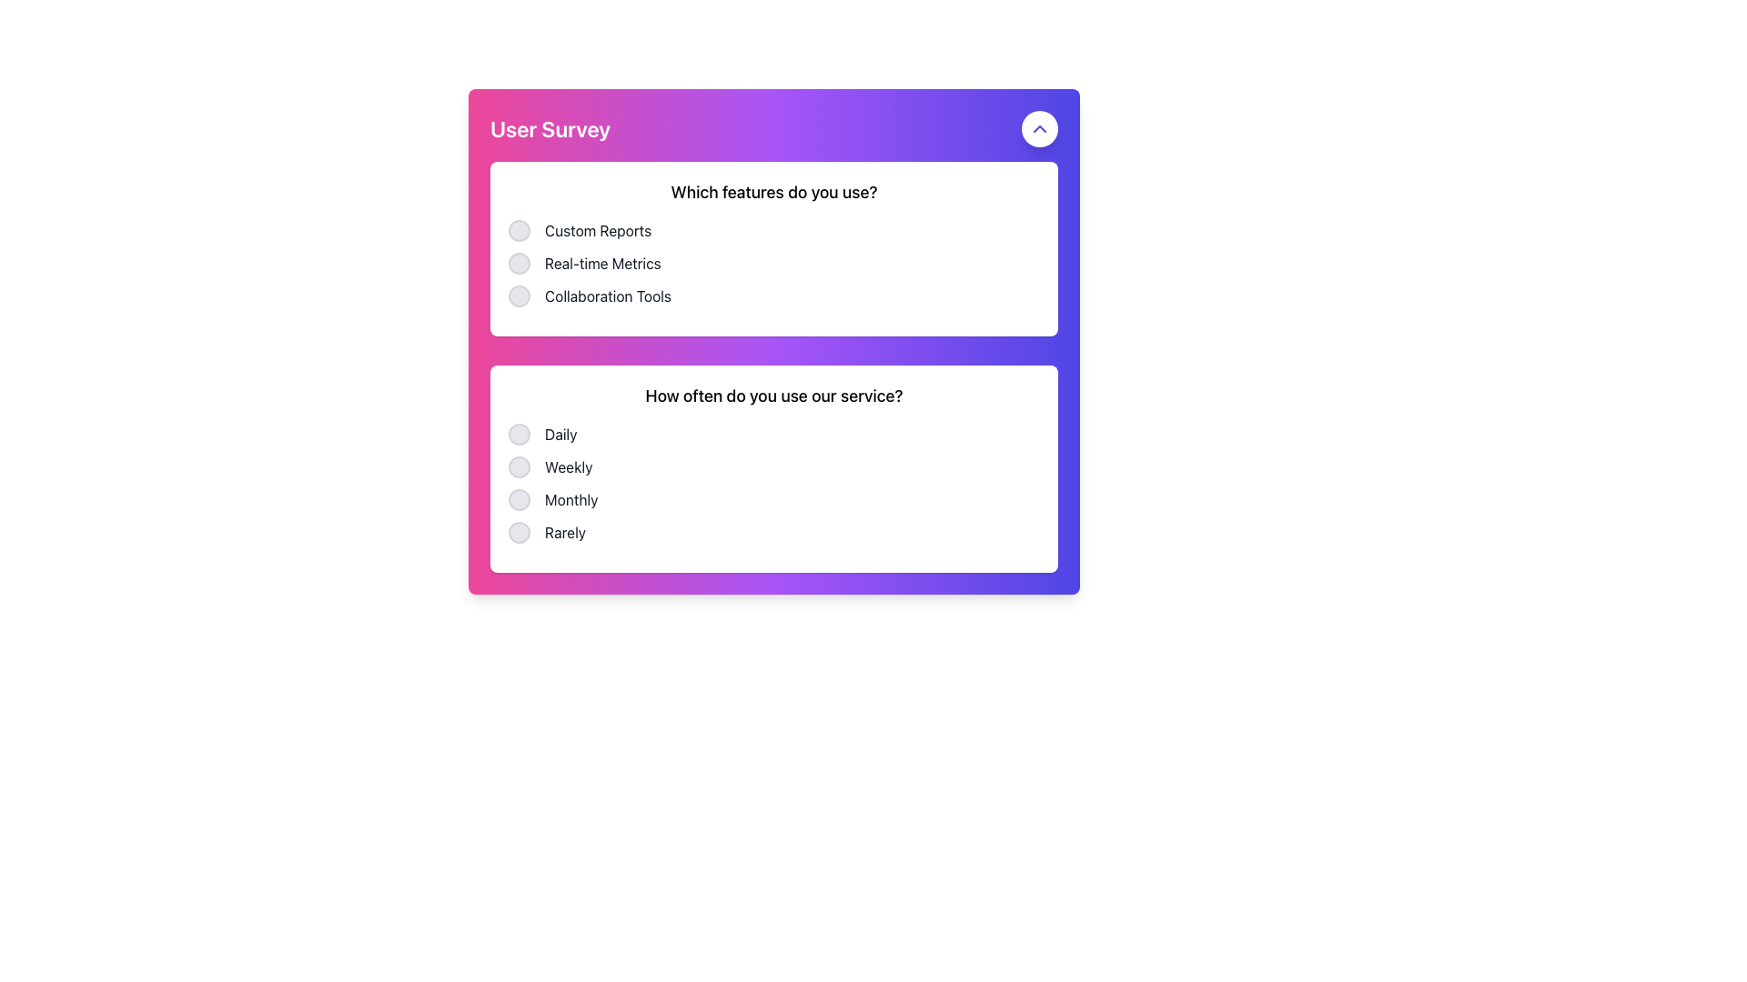  I want to click on the first selectable item in the 'Which features do you use?' list, so click(773, 230).